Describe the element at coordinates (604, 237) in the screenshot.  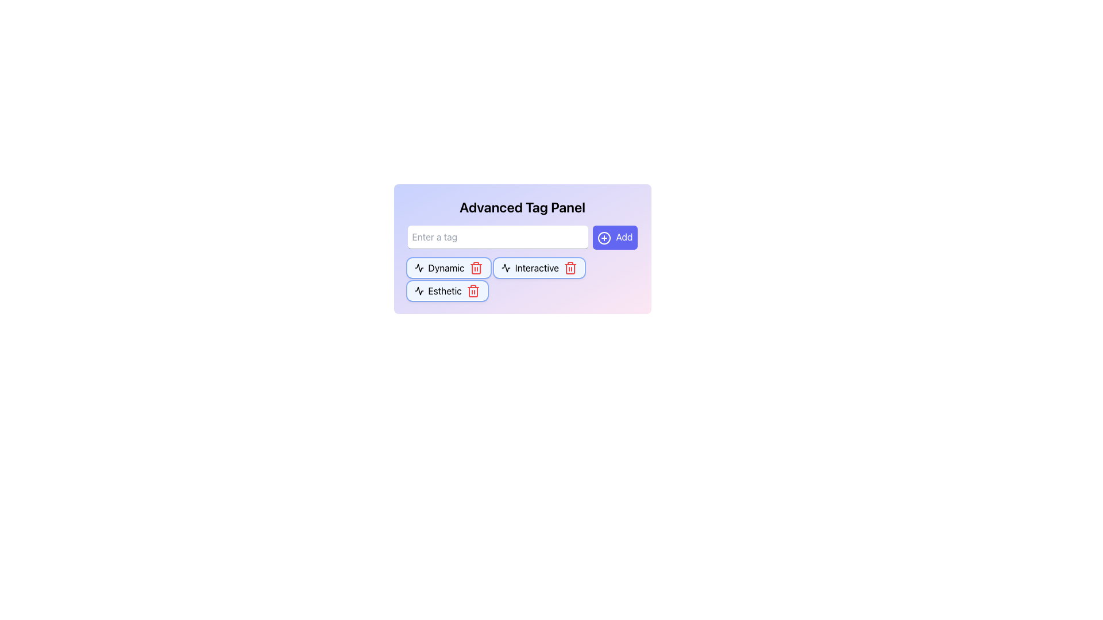
I see `the Circle SVG component that is part of the 'Add' button iconography, located to the right of the tag input field` at that location.